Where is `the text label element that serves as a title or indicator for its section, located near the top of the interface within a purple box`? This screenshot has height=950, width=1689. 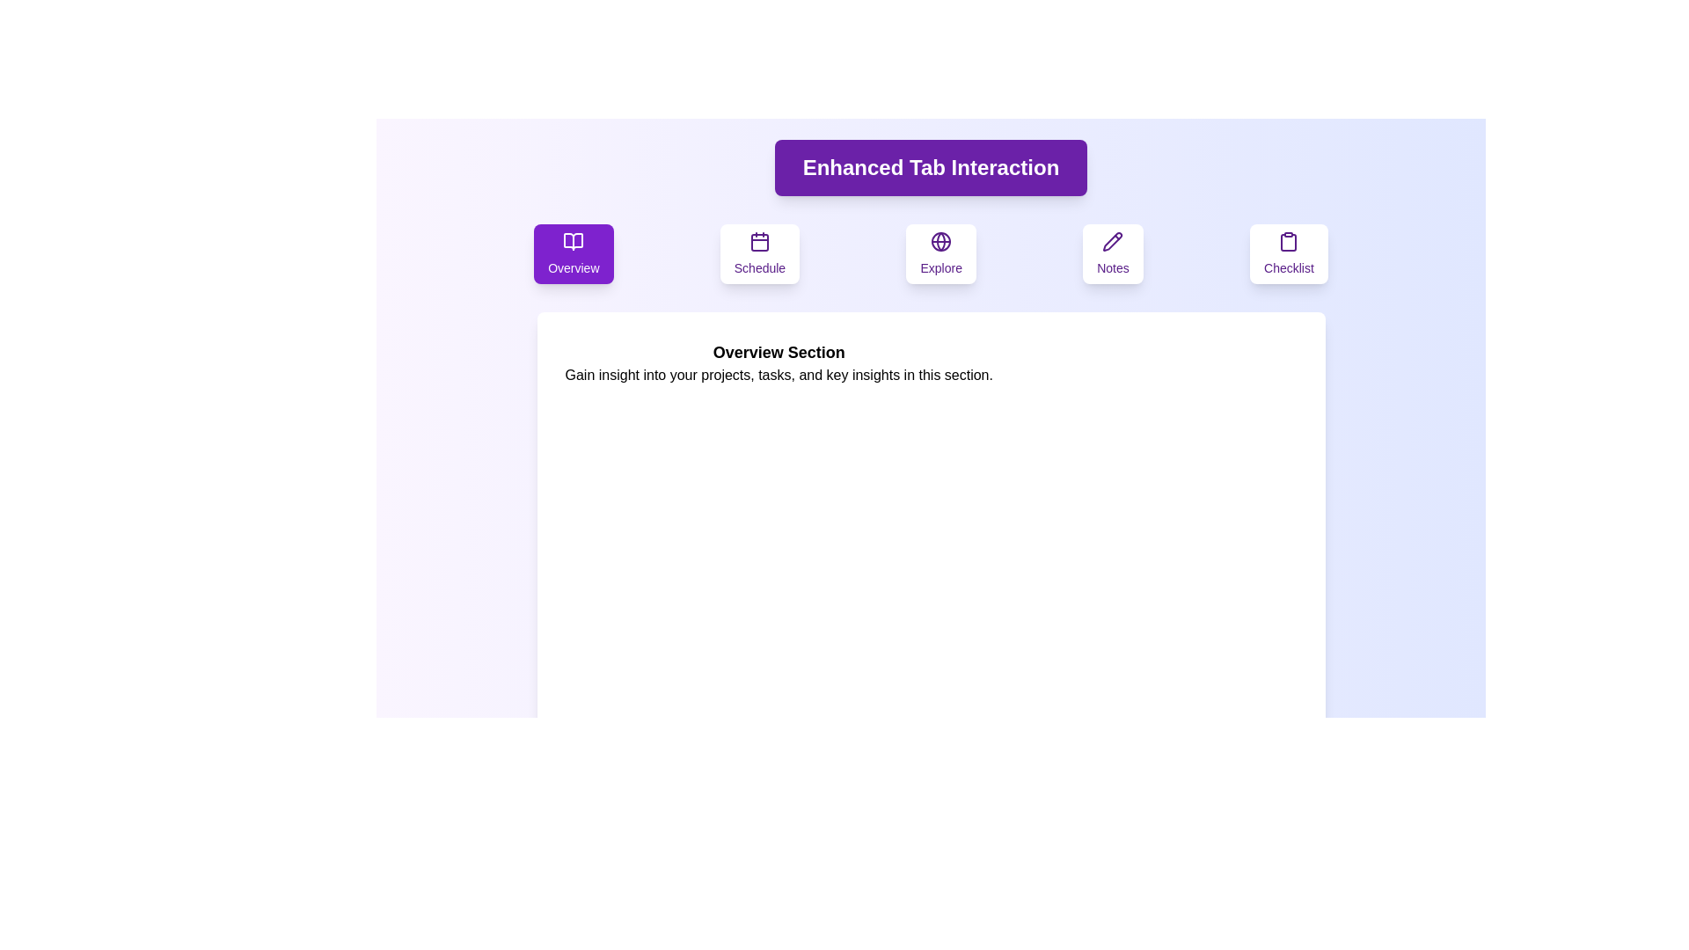 the text label element that serves as a title or indicator for its section, located near the top of the interface within a purple box is located at coordinates (930, 168).